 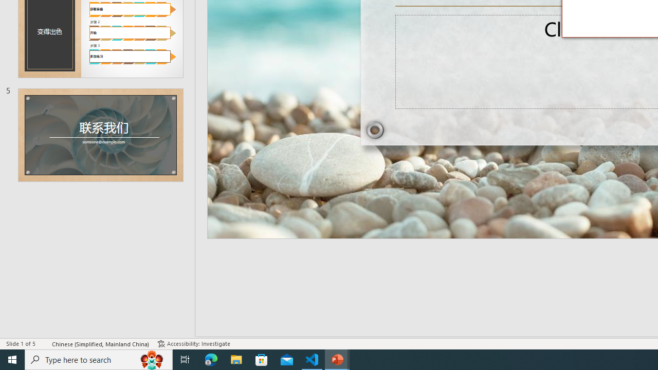 What do you see at coordinates (337, 359) in the screenshot?
I see `'PowerPoint - 2 running windows'` at bounding box center [337, 359].